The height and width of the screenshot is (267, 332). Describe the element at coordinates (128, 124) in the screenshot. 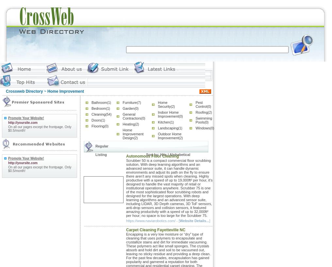

I see `'Heating'` at that location.